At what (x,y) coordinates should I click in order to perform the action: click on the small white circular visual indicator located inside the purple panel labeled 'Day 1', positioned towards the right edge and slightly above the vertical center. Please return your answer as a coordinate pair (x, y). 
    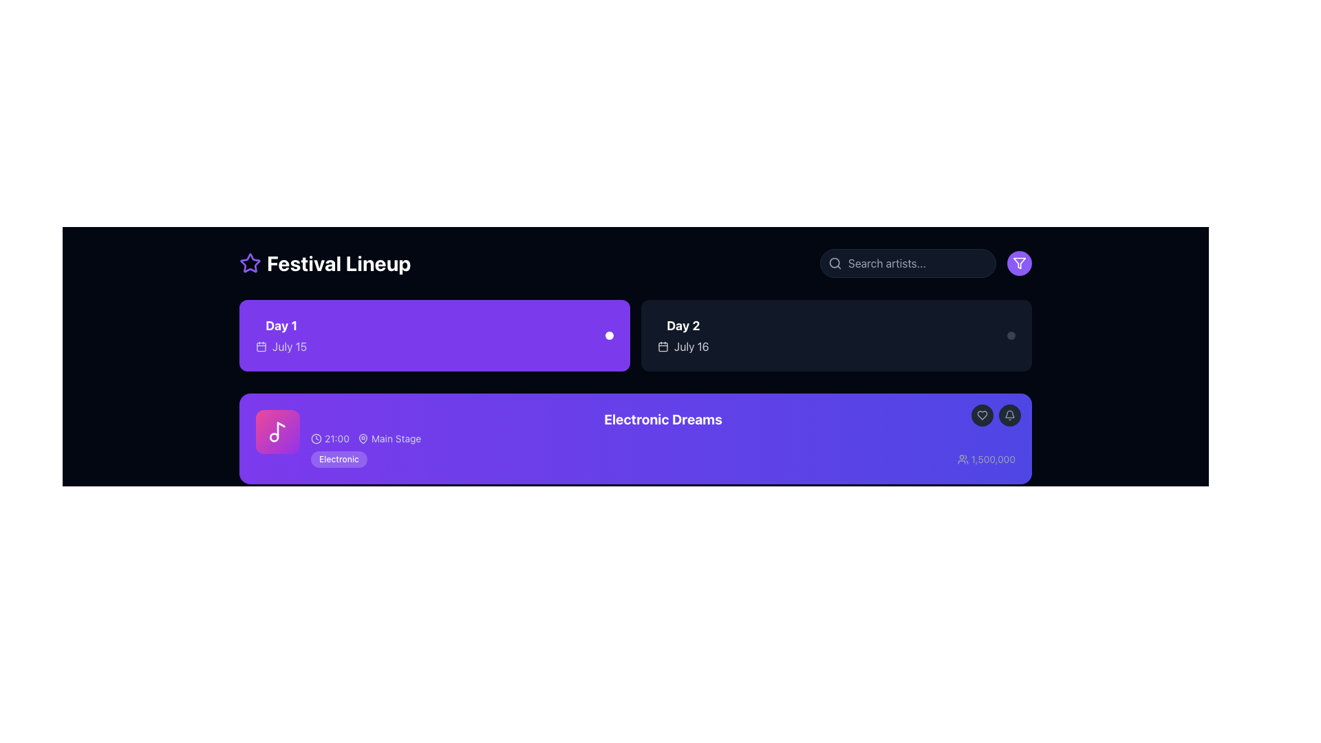
    Looking at the image, I should click on (609, 336).